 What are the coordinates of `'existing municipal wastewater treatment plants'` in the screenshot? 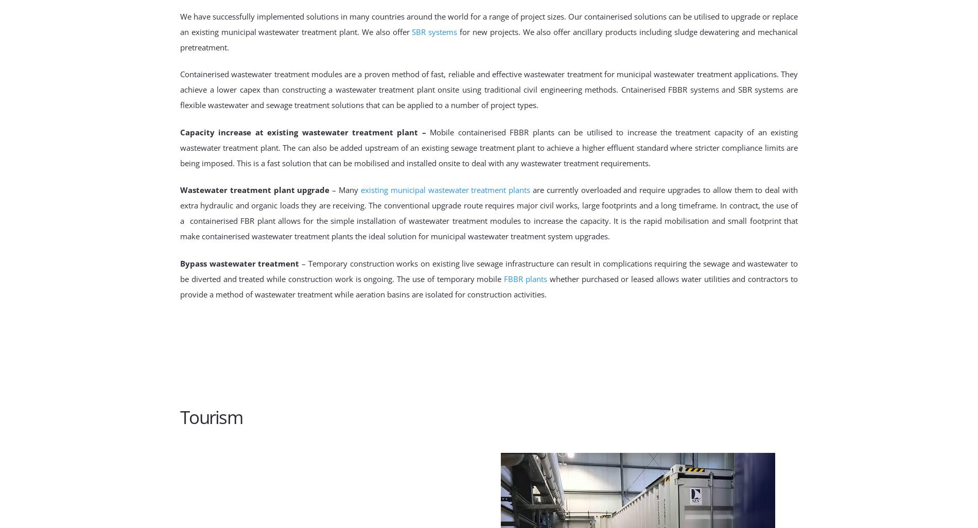 It's located at (445, 189).